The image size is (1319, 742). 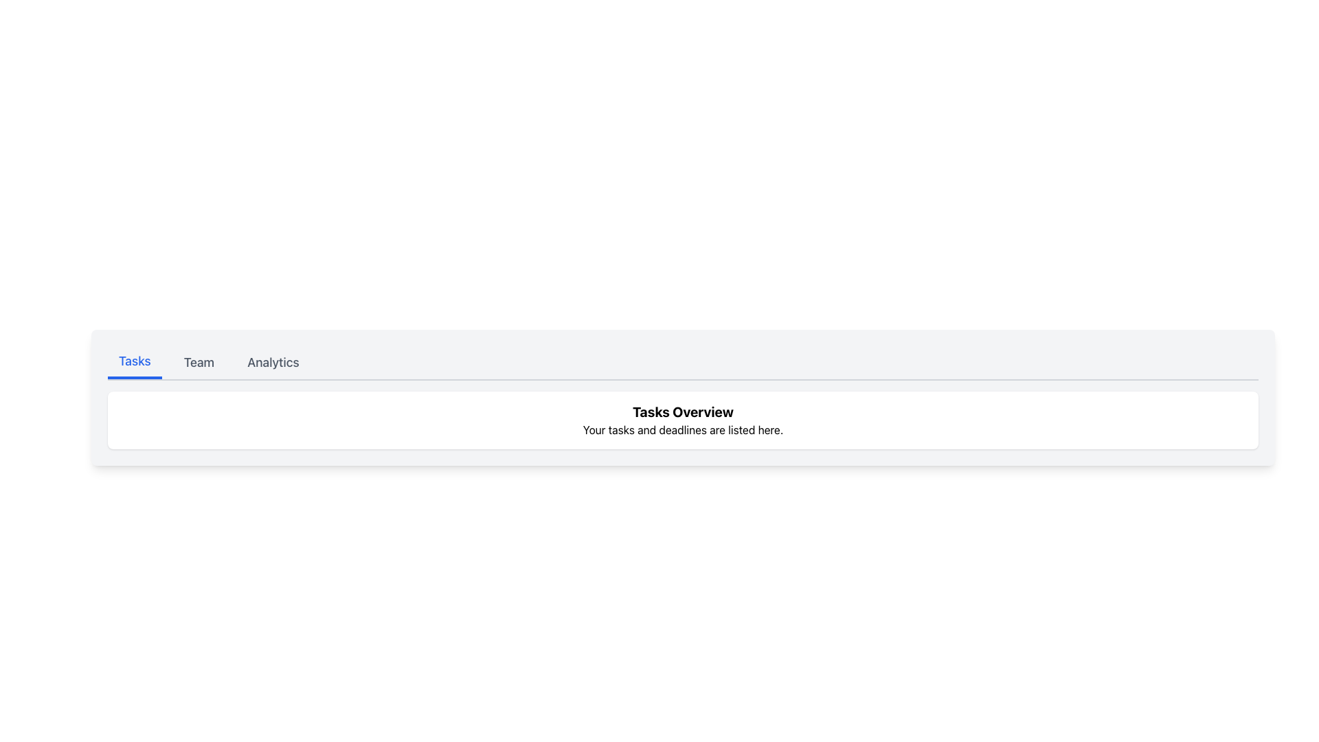 I want to click on the static text located below the heading 'Tasks Overview' that provides context about the tasks and deadlines section, so click(x=683, y=429).